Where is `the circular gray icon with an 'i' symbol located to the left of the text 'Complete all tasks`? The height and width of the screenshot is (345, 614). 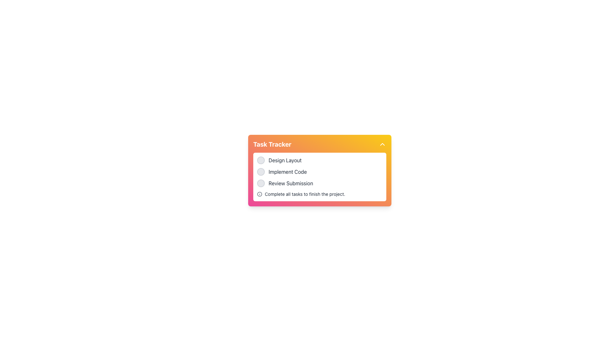
the circular gray icon with an 'i' symbol located to the left of the text 'Complete all tasks is located at coordinates (259, 194).